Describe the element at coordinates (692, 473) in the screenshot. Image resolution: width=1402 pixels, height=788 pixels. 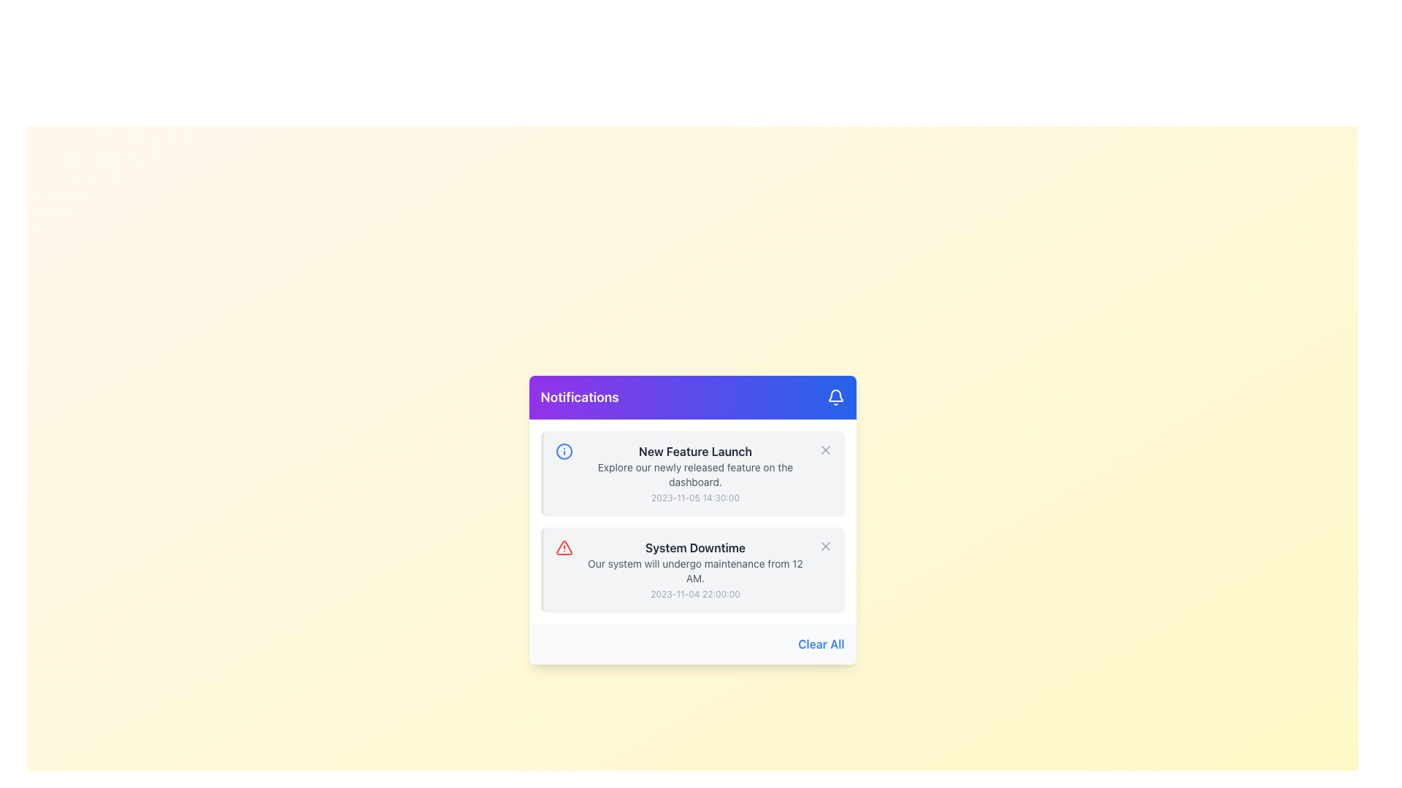
I see `information displayed in the Notification Card located under the 'Notifications' header, which is the first item in the list` at that location.